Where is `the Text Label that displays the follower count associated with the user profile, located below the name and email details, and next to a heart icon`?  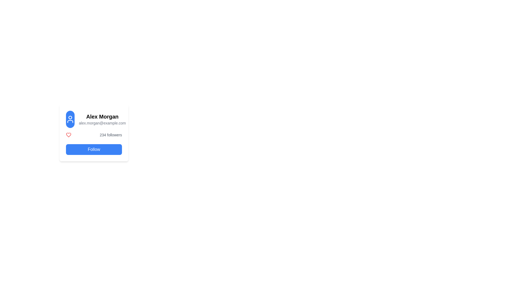
the Text Label that displays the follower count associated with the user profile, located below the name and email details, and next to a heart icon is located at coordinates (110, 135).